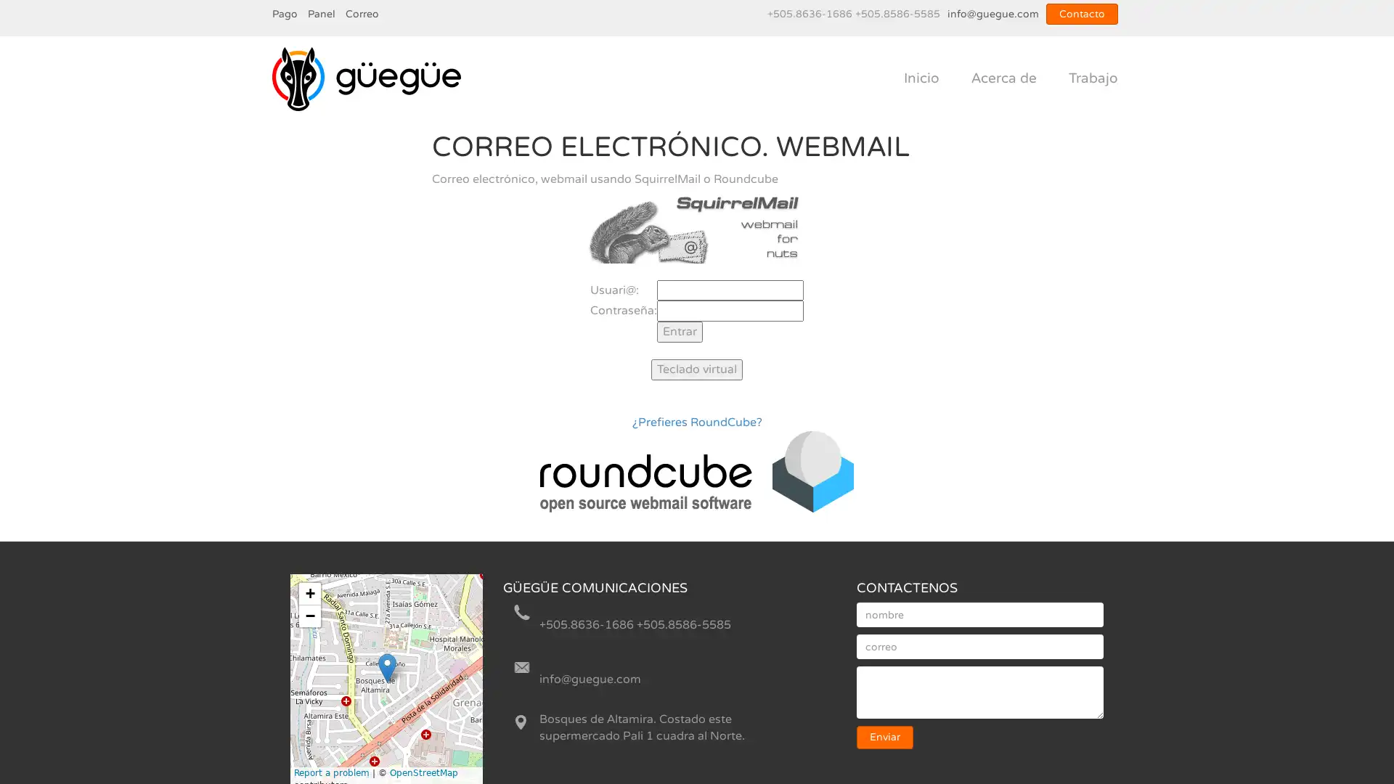  What do you see at coordinates (697, 369) in the screenshot?
I see `Teclado virtual` at bounding box center [697, 369].